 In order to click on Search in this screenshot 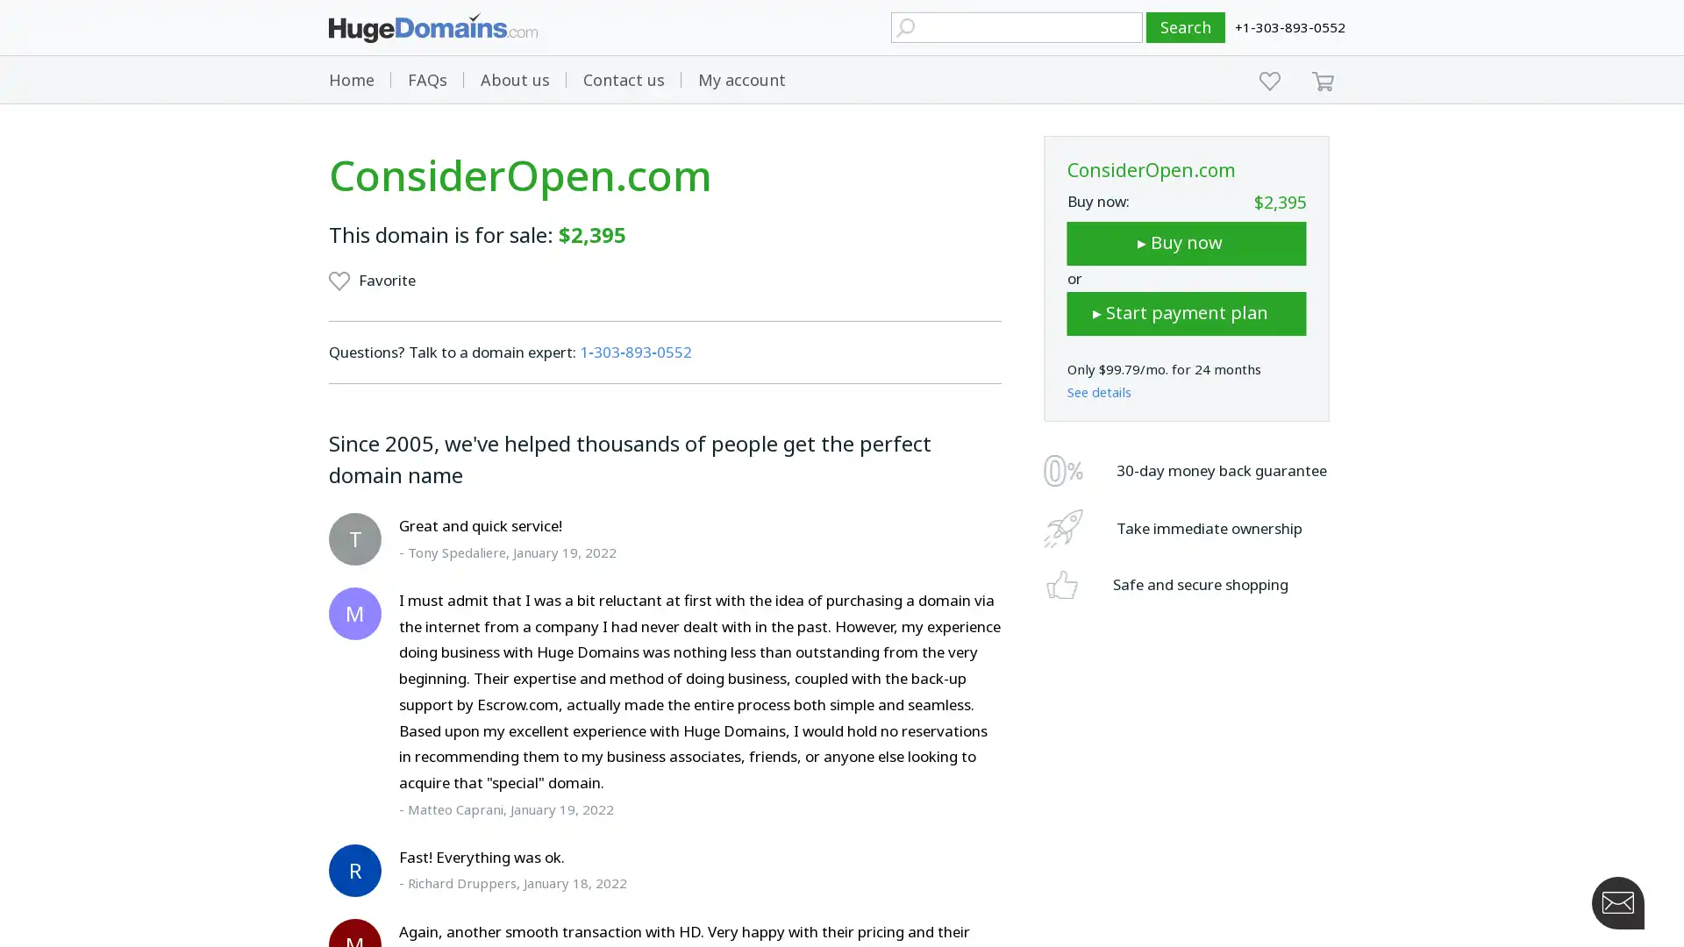, I will do `click(1186, 27)`.